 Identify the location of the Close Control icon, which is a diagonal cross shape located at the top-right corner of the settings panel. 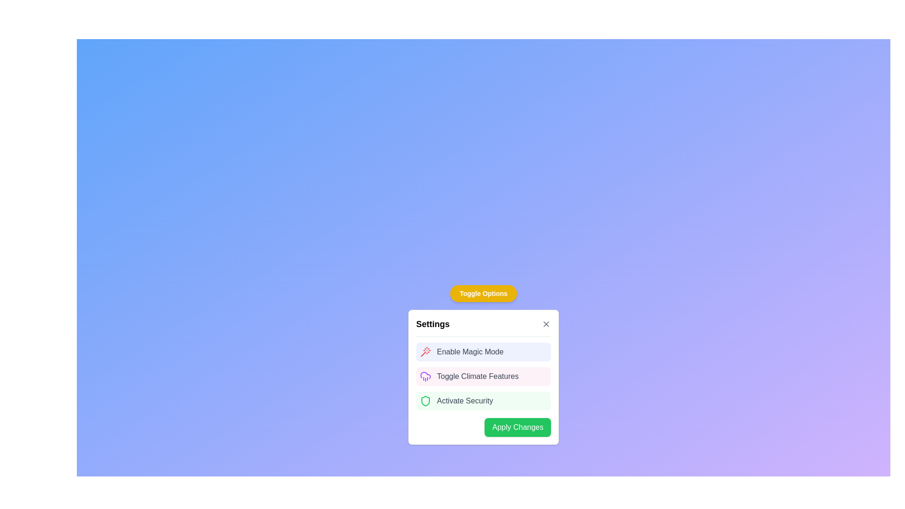
(546, 323).